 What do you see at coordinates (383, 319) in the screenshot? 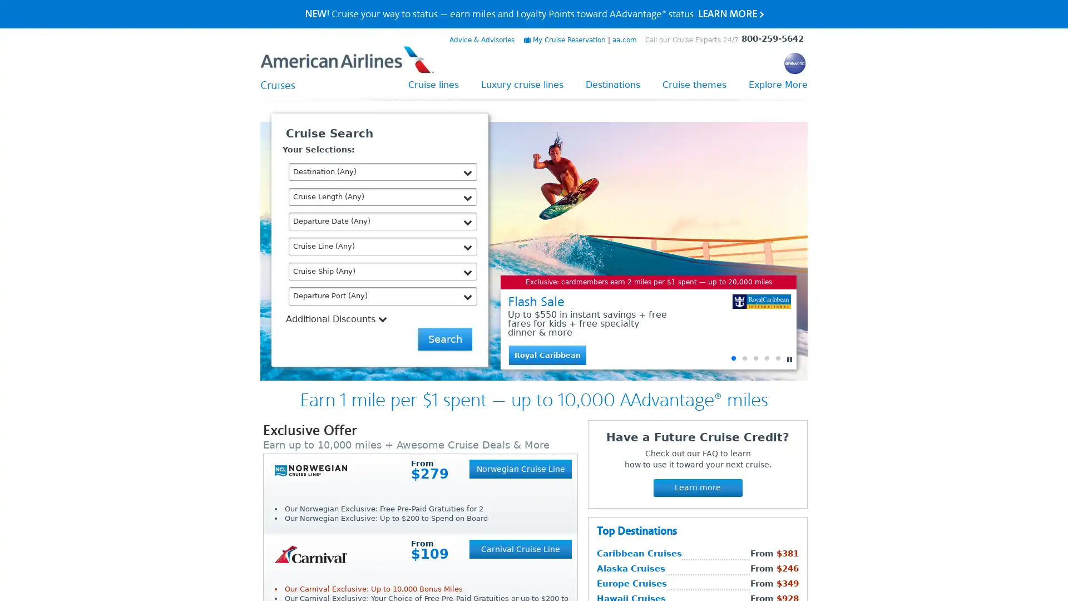
I see `Additional Discounts` at bounding box center [383, 319].